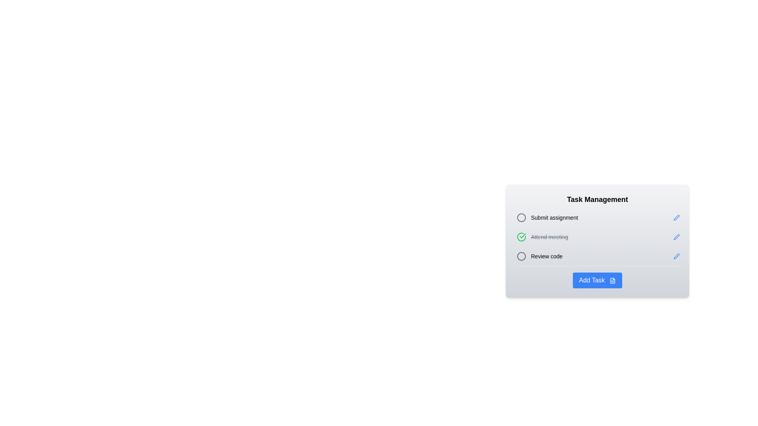 The width and height of the screenshot is (758, 426). I want to click on the blue pen icon located in the 'Review code' row, so click(676, 256).